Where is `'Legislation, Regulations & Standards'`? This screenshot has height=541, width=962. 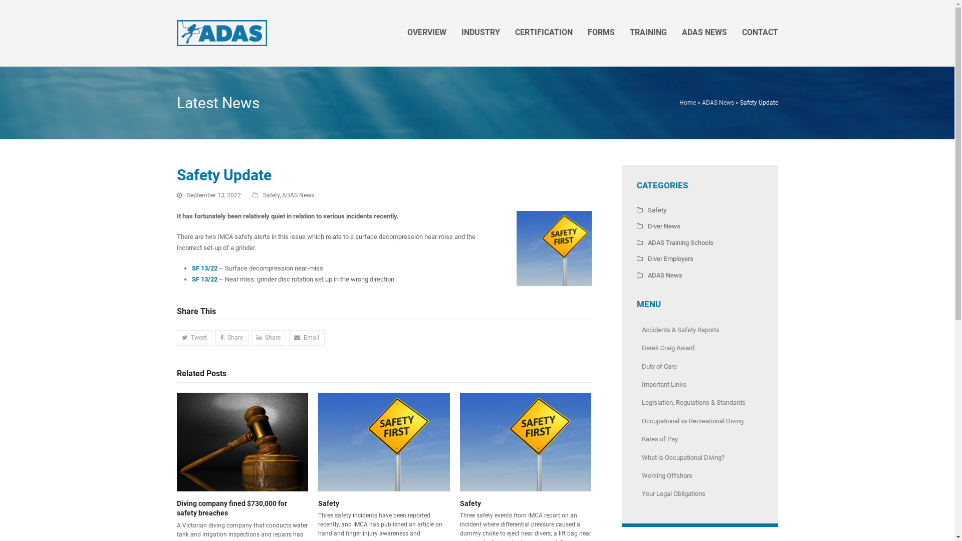
'Legislation, Regulations & Standards' is located at coordinates (636, 402).